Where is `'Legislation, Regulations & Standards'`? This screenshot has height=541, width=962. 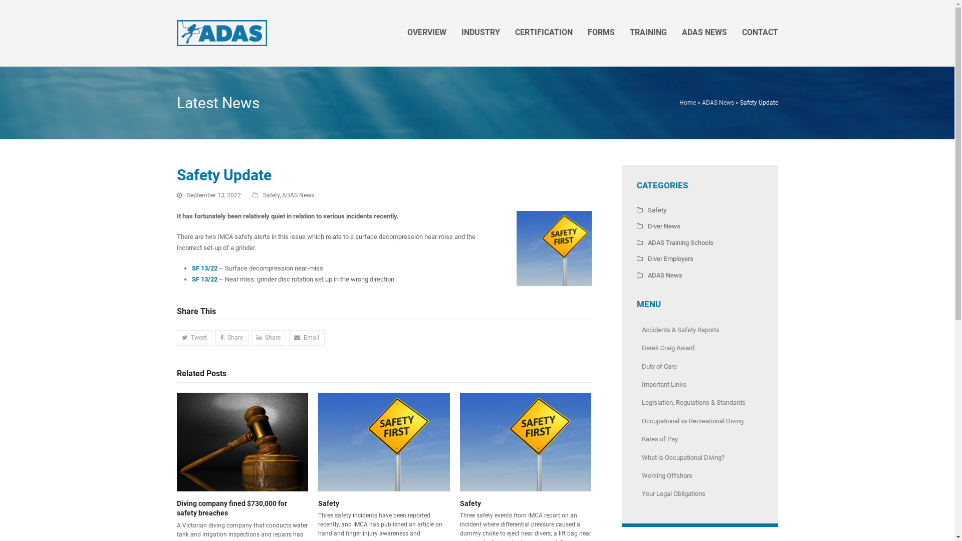
'Legislation, Regulations & Standards' is located at coordinates (636, 402).